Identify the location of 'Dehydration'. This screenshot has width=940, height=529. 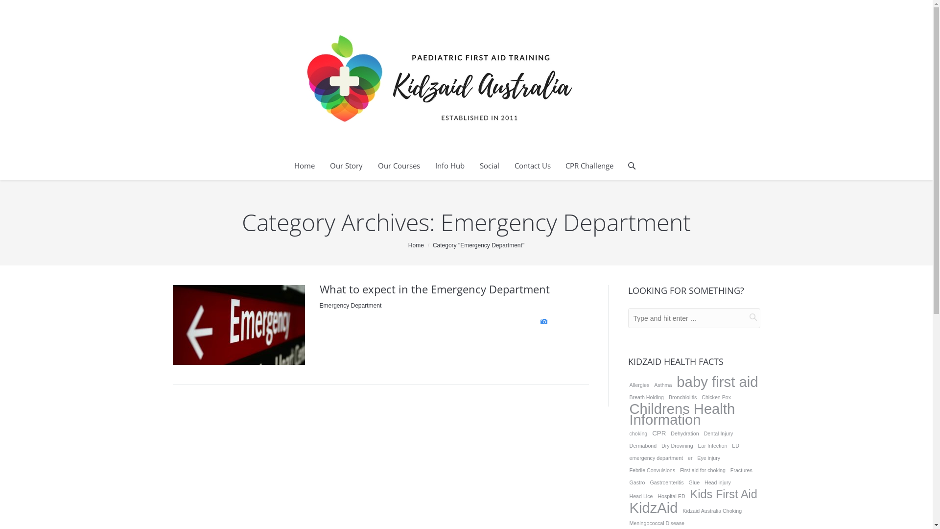
(684, 433).